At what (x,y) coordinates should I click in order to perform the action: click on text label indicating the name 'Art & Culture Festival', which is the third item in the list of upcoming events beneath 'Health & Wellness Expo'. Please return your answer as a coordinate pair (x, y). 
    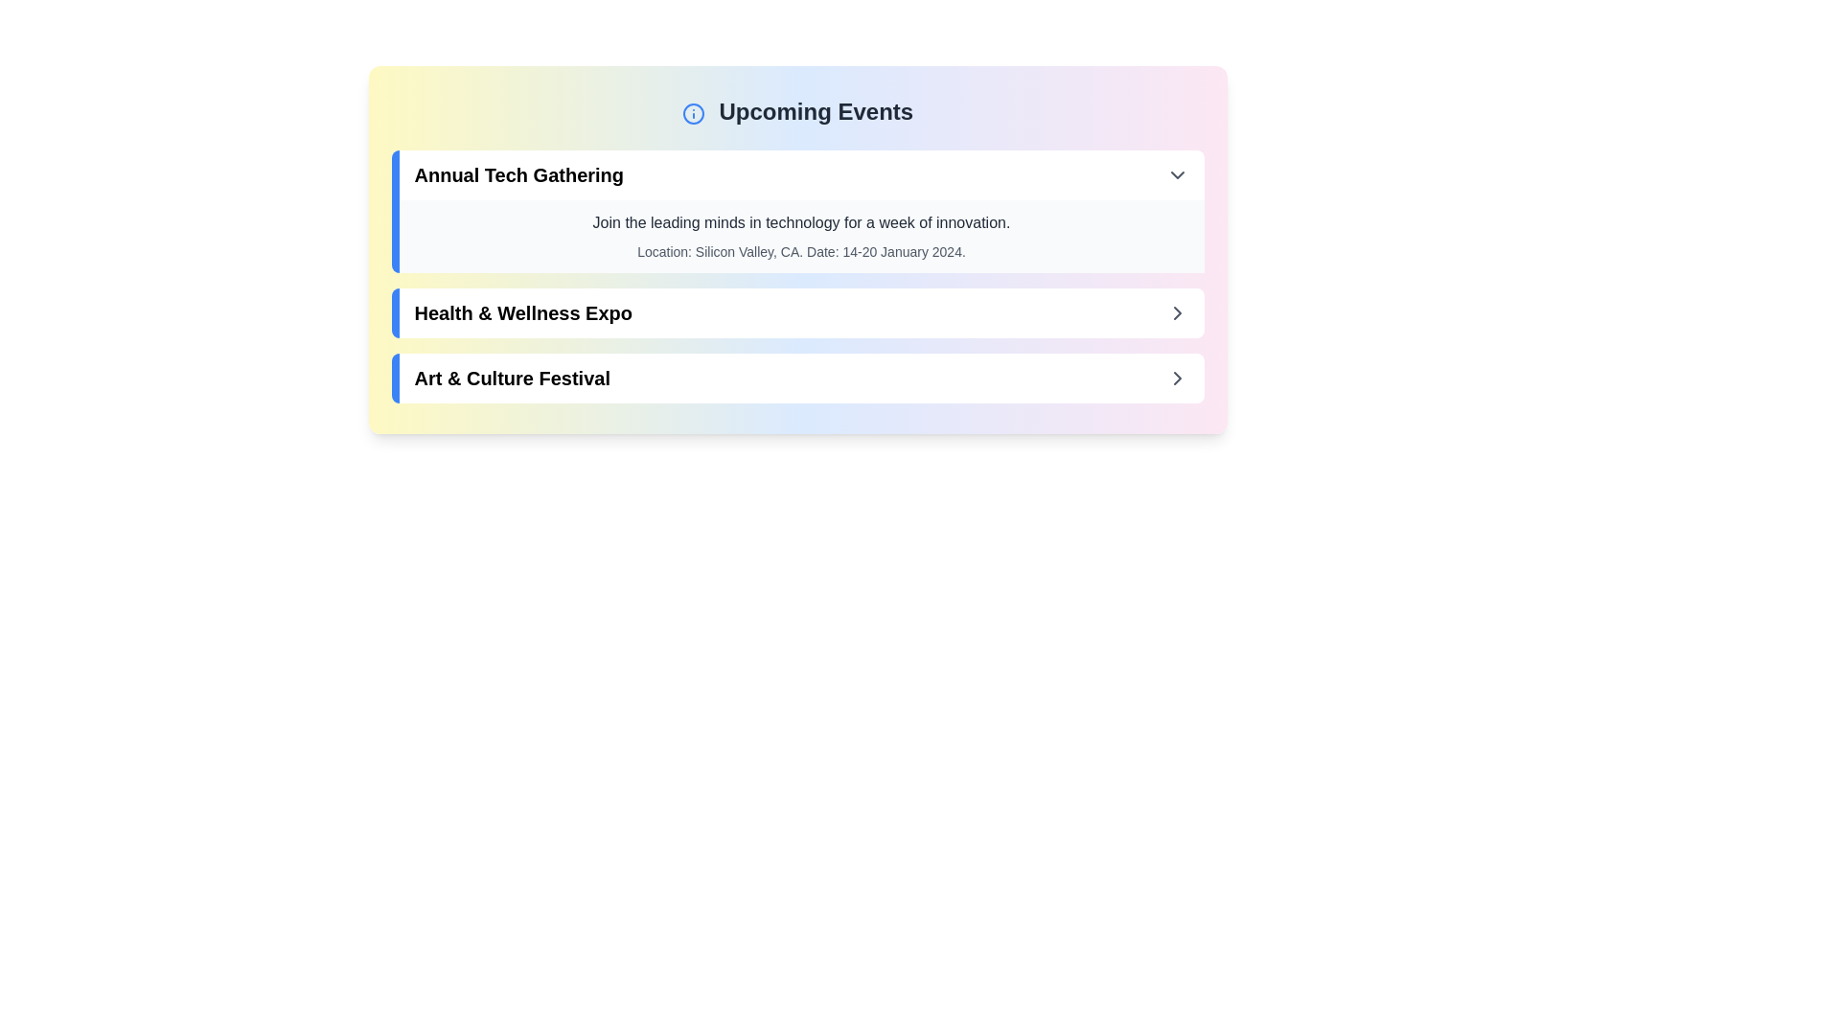
    Looking at the image, I should click on (512, 378).